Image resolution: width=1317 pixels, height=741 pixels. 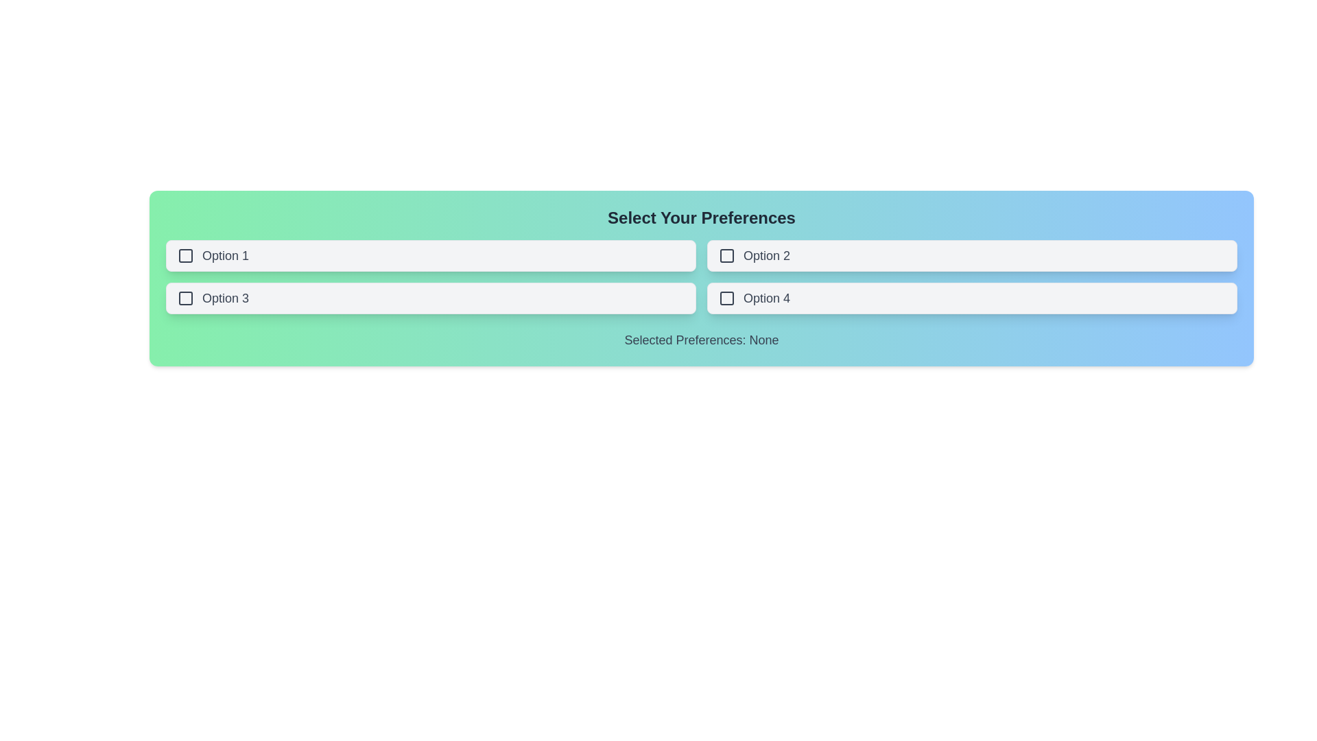 I want to click on the button labeled Option 1 to observe the hover state change, so click(x=430, y=256).